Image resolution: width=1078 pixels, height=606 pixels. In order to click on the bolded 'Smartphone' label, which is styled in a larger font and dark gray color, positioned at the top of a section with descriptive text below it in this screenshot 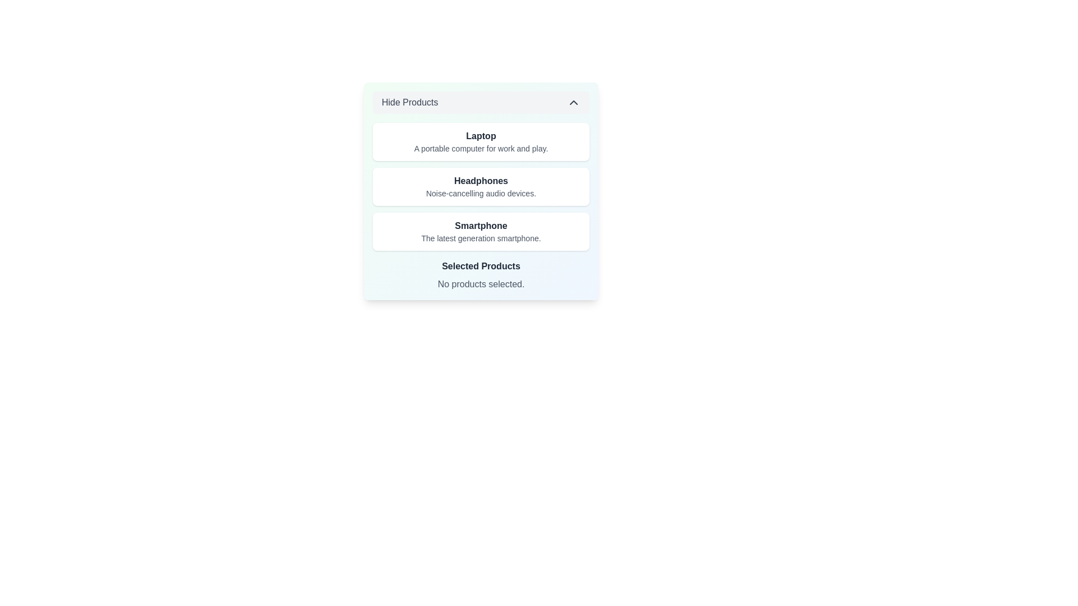, I will do `click(481, 226)`.